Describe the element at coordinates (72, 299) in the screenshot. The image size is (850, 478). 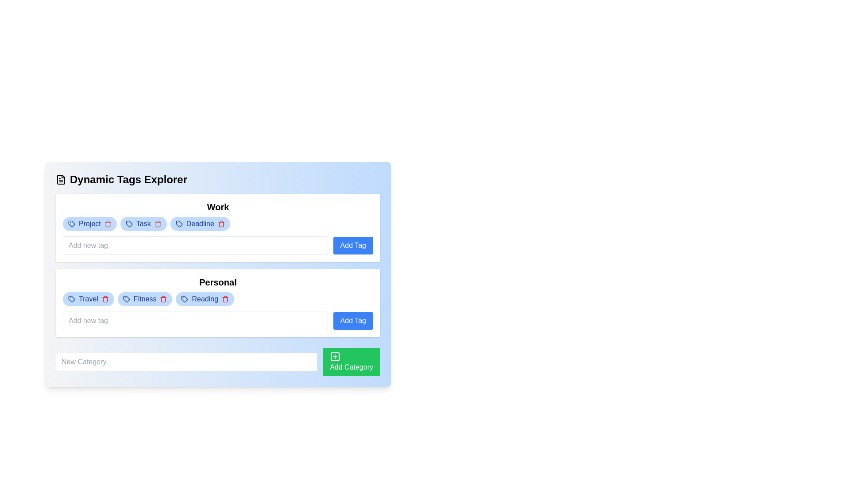
I see `the 'Travel' tag icon located within the 'Personal' category group to identify the associated category` at that location.